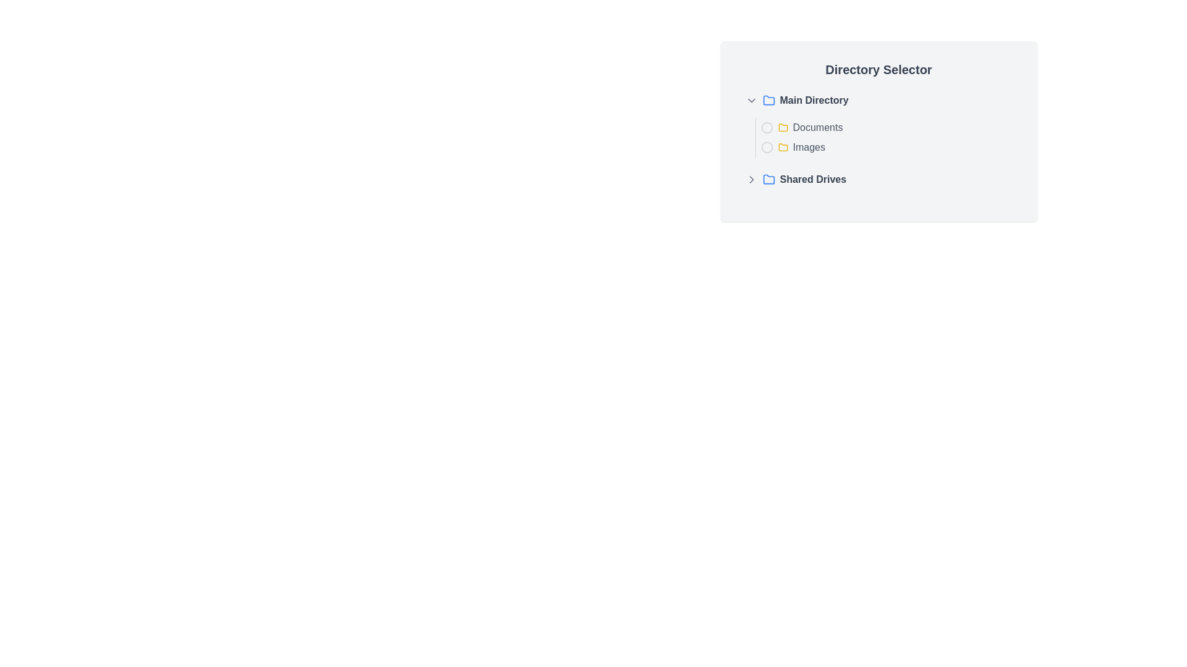 This screenshot has height=667, width=1187. What do you see at coordinates (768, 99) in the screenshot?
I see `the blue folder icon located to the left of the text 'Main Directory' in the directory selector interface` at bounding box center [768, 99].